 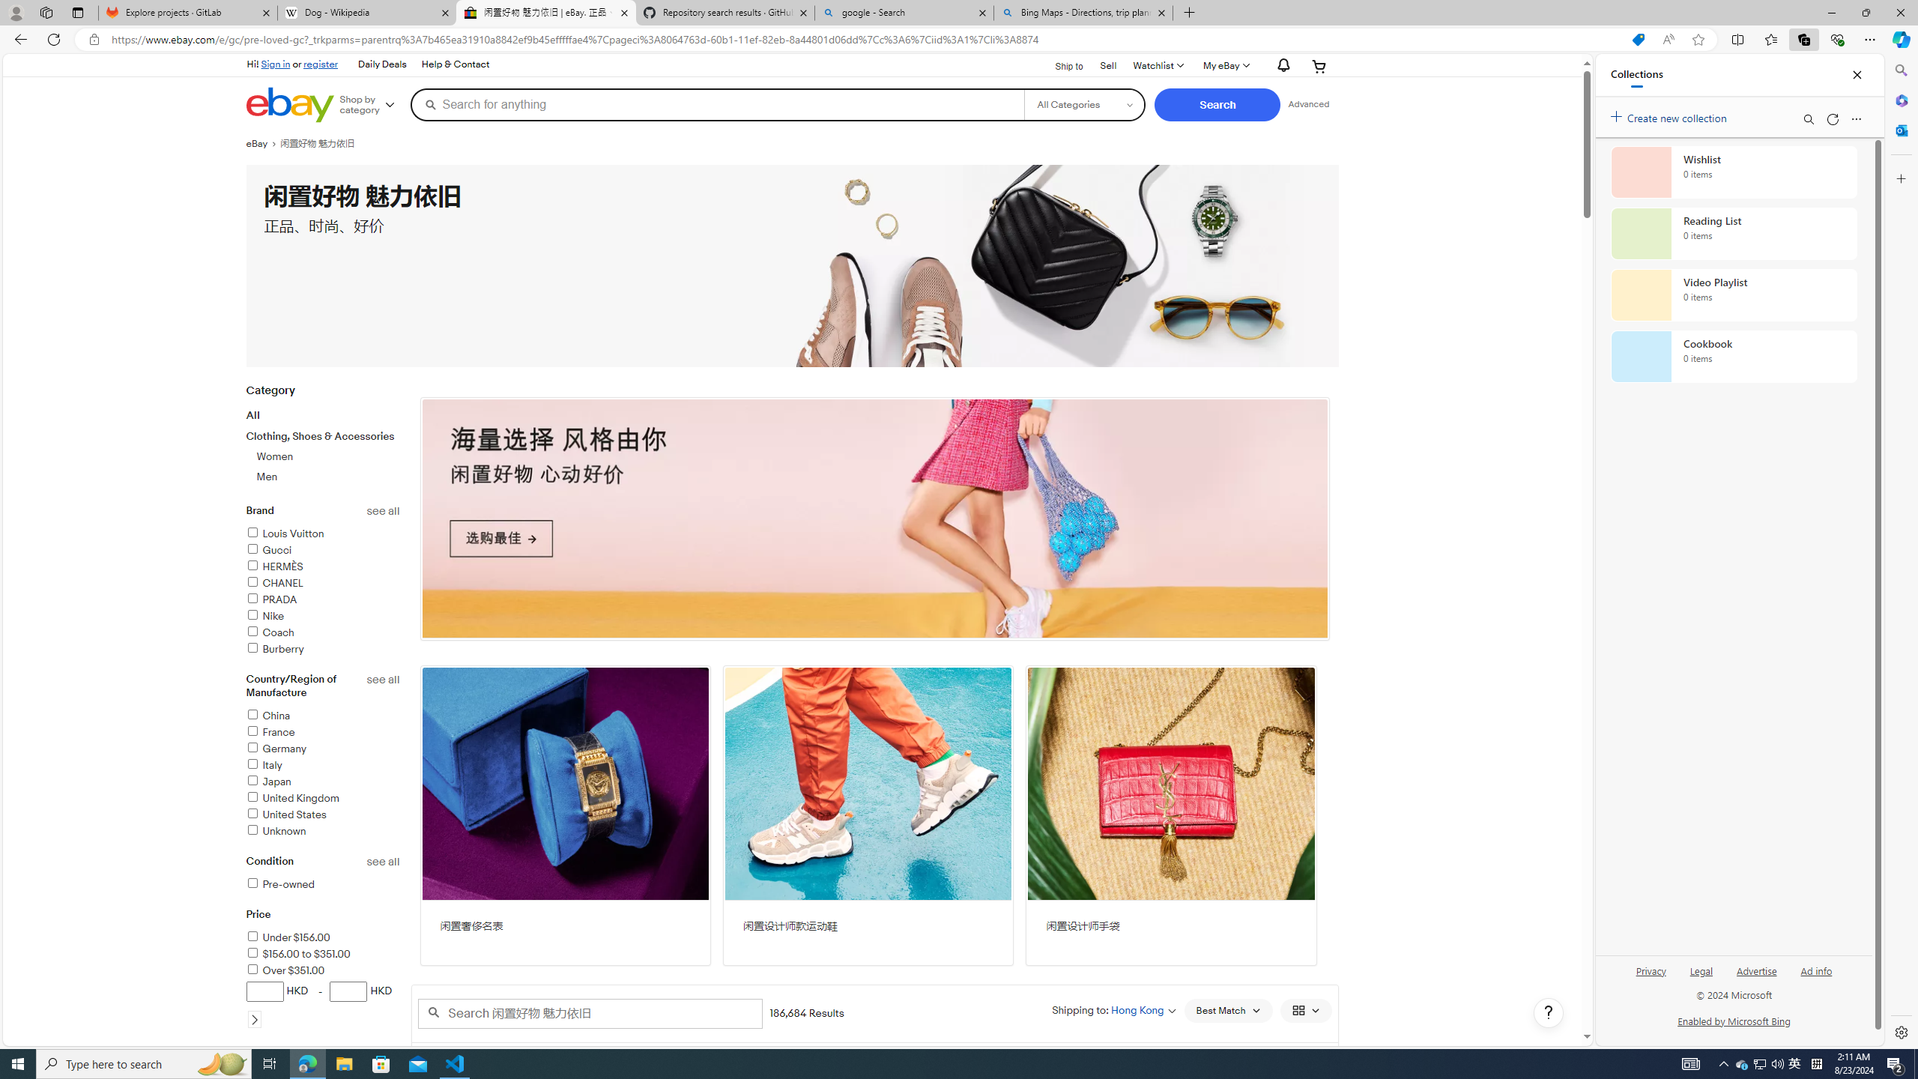 I want to click on 'CategoryAllClothing, Shoes & AccessoriesWomenMen', so click(x=323, y=441).